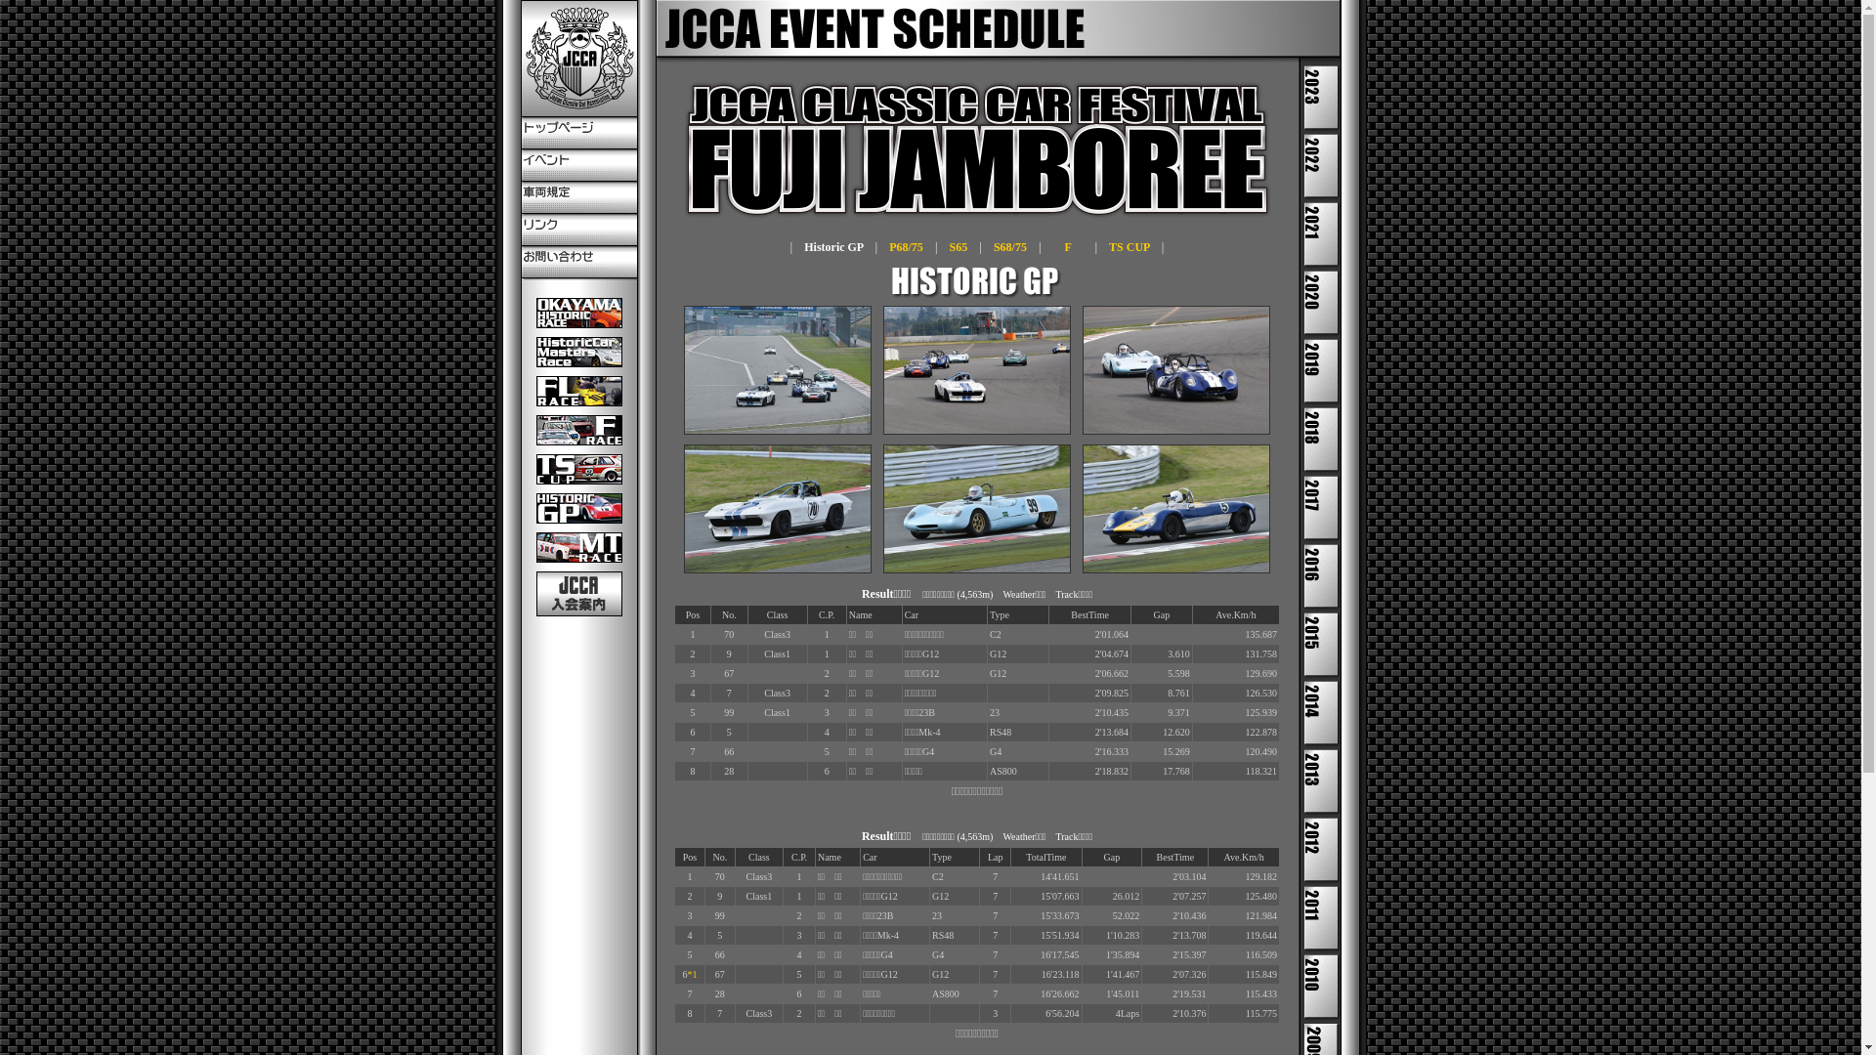  What do you see at coordinates (1009, 246) in the screenshot?
I see `'S68/75'` at bounding box center [1009, 246].